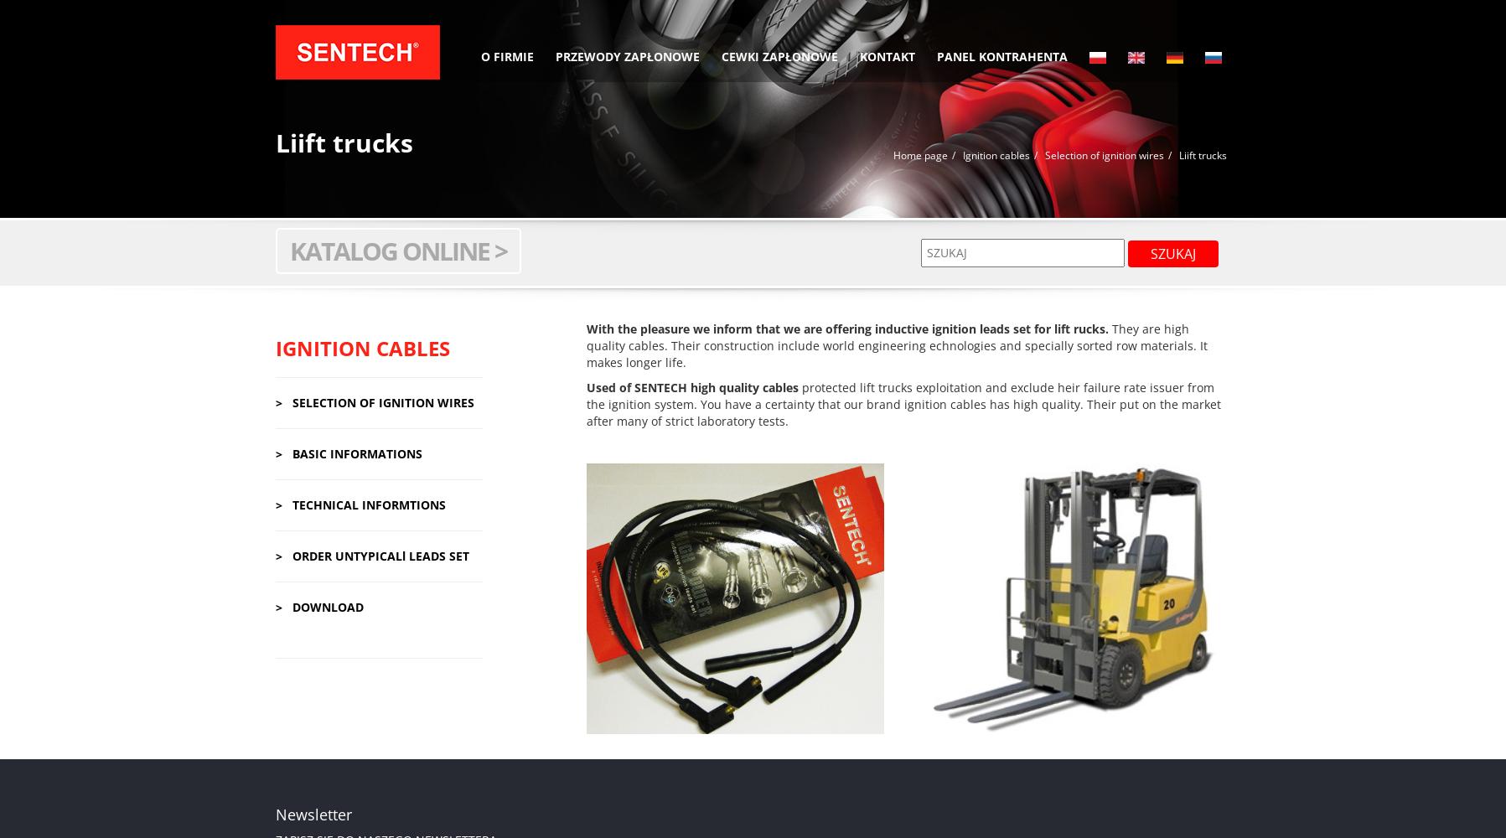 The image size is (1506, 838). I want to click on '>   ORDER UNTYPICALl LEADS SET', so click(370, 555).